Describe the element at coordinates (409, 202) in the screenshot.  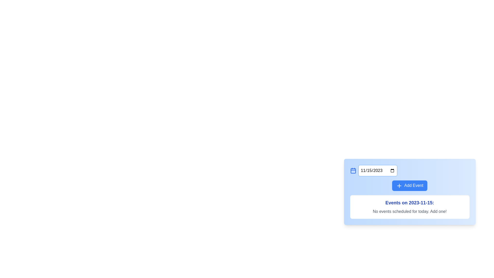
I see `the text 'Events on 2023-11-15:'` at that location.